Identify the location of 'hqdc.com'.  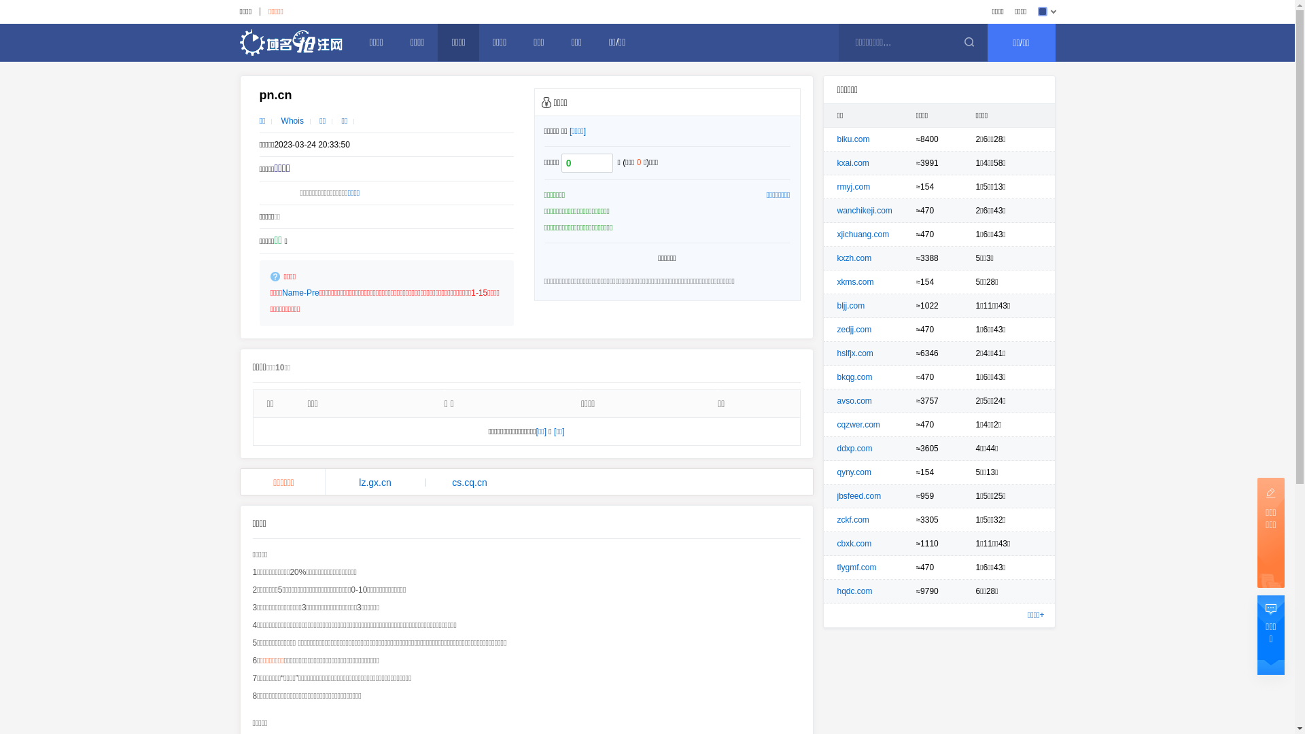
(854, 591).